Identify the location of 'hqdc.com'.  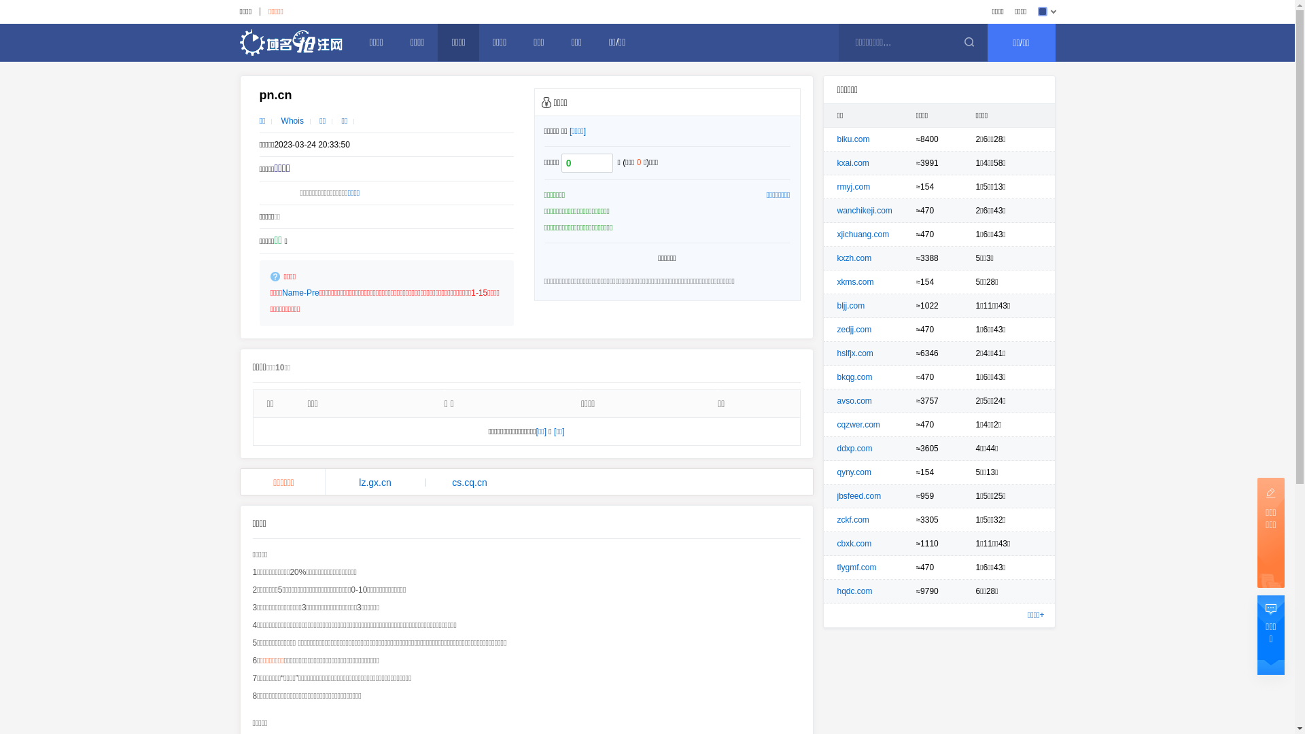
(854, 591).